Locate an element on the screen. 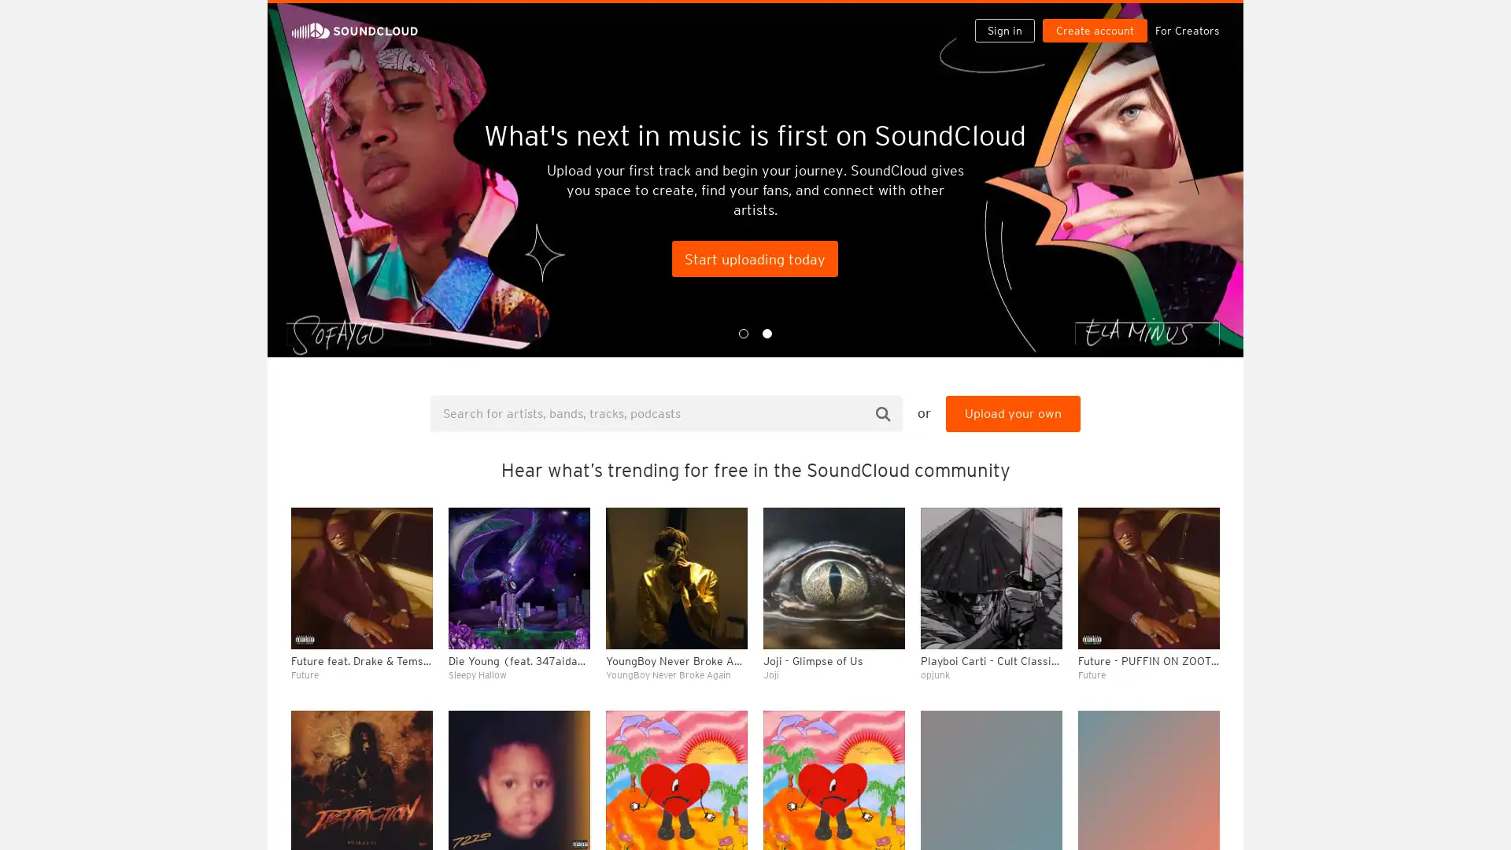  Sign in is located at coordinates (1010, 17).